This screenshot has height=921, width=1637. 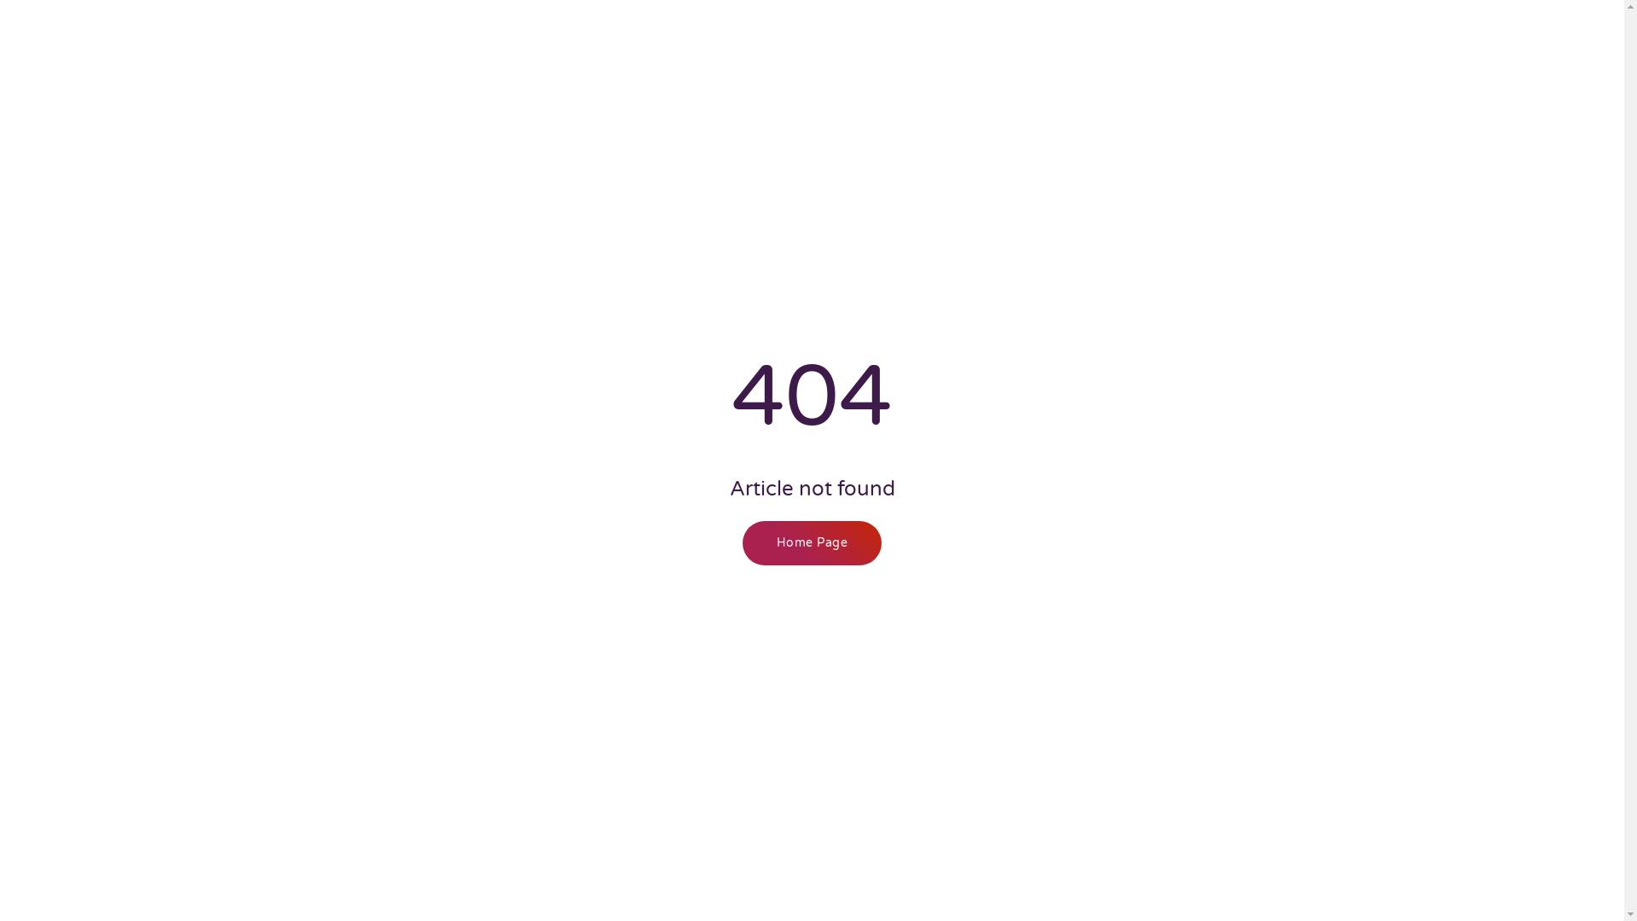 What do you see at coordinates (812, 542) in the screenshot?
I see `'Home Page'` at bounding box center [812, 542].